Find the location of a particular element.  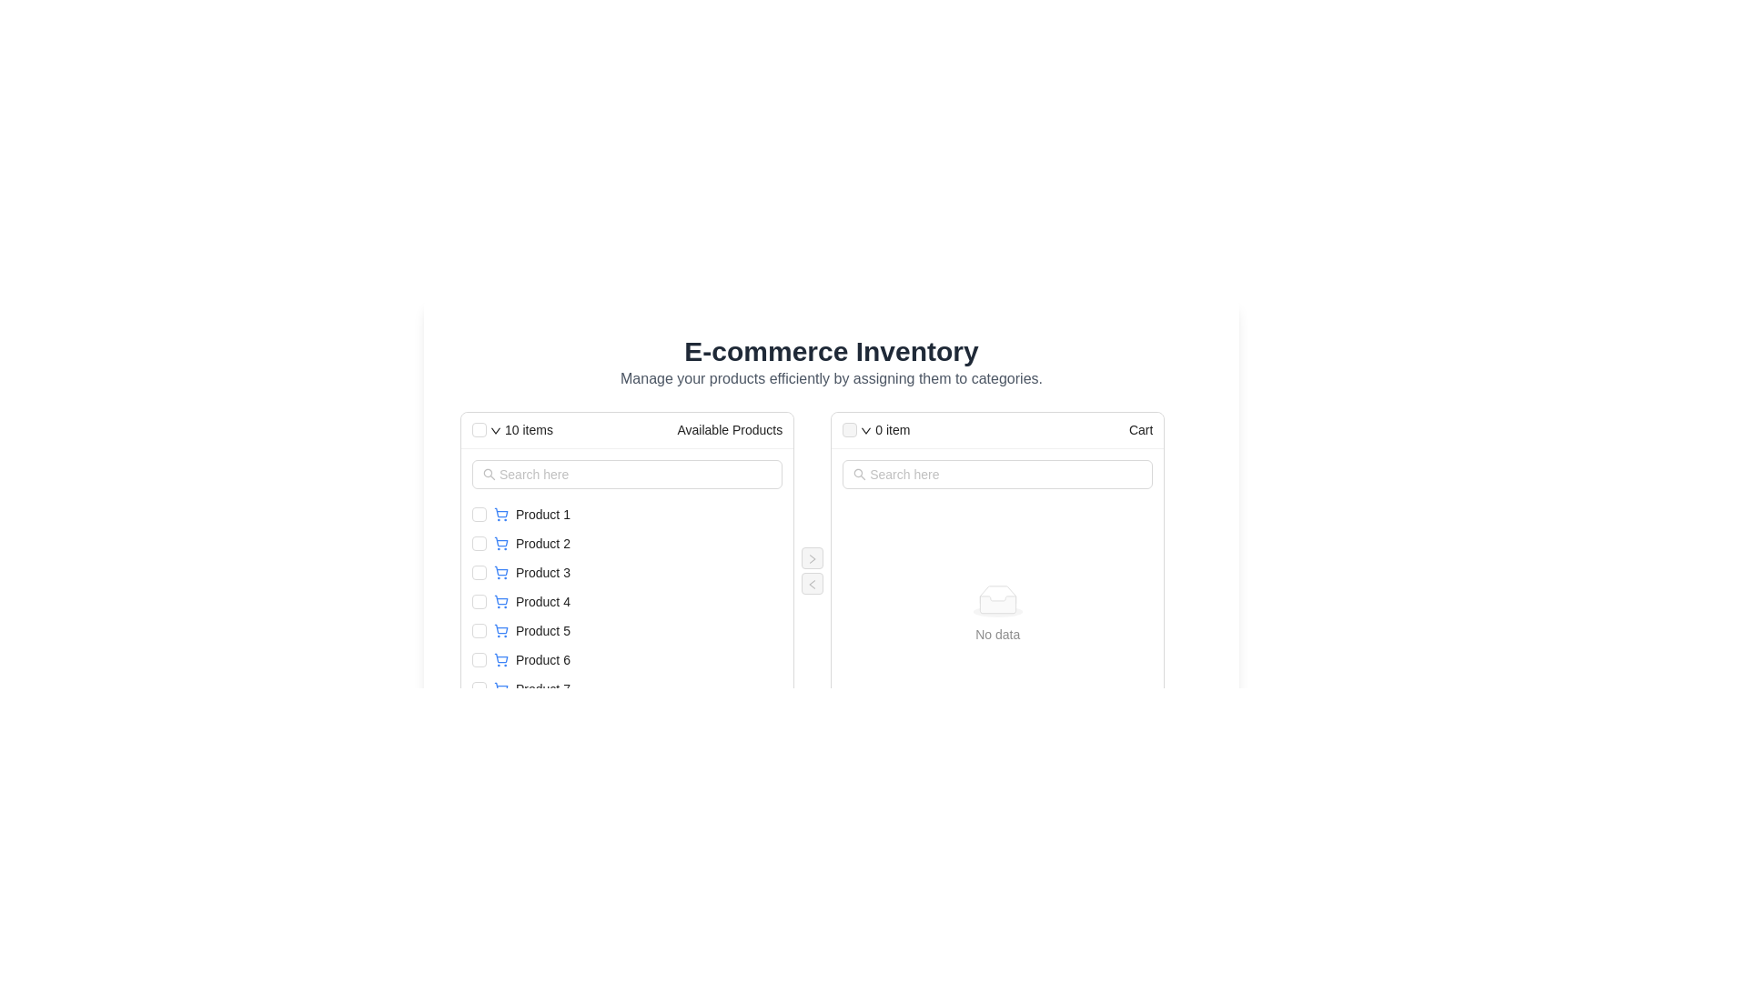

the rightward arrow button located centrally between the 'Available Products' and 'Cart' panels is located at coordinates (811, 556).